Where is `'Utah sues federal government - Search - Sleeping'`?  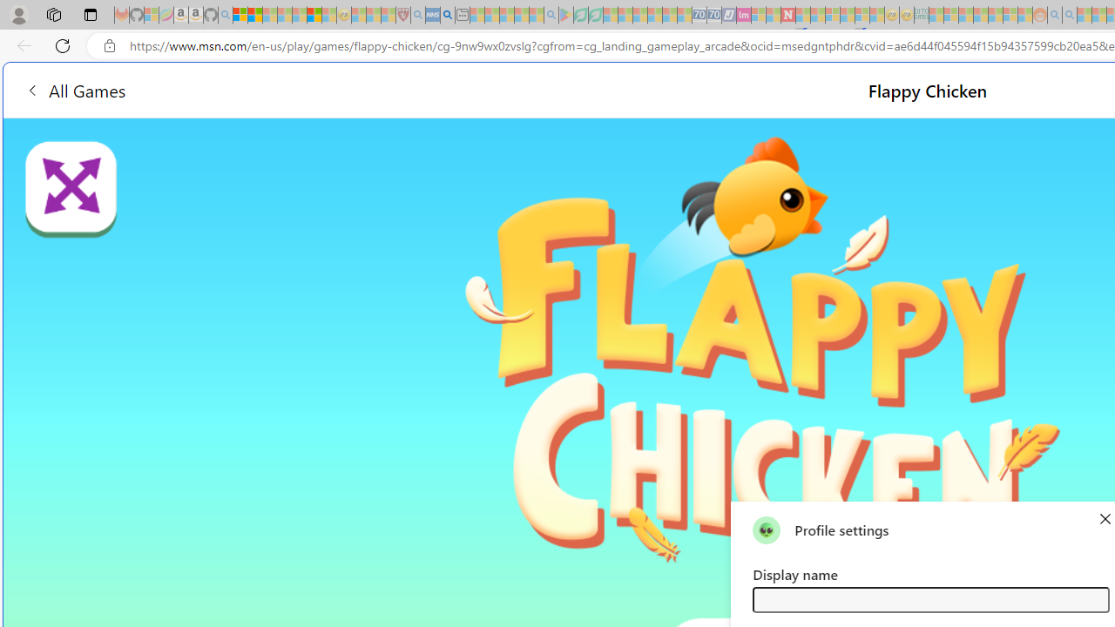
'Utah sues federal government - Search - Sleeping' is located at coordinates (1069, 15).